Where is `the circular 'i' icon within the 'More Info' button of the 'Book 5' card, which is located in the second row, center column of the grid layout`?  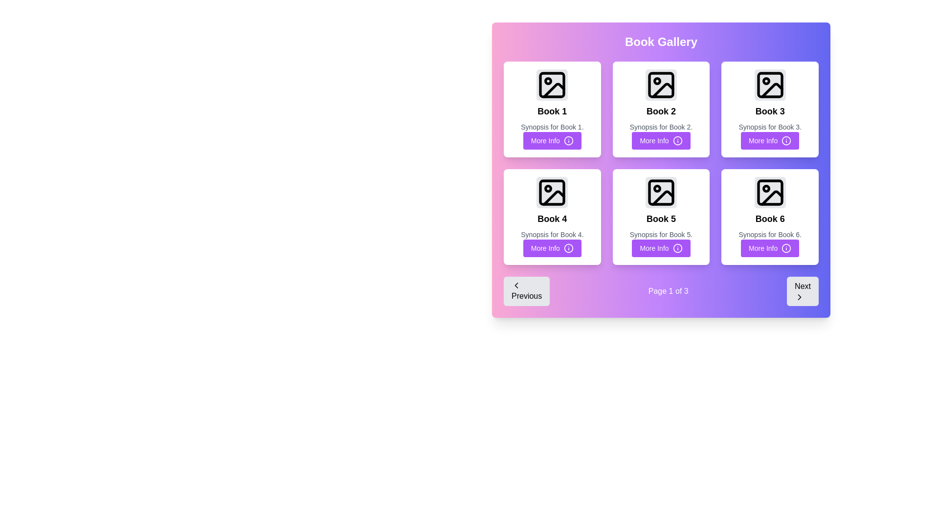 the circular 'i' icon within the 'More Info' button of the 'Book 5' card, which is located in the second row, center column of the grid layout is located at coordinates (677, 248).